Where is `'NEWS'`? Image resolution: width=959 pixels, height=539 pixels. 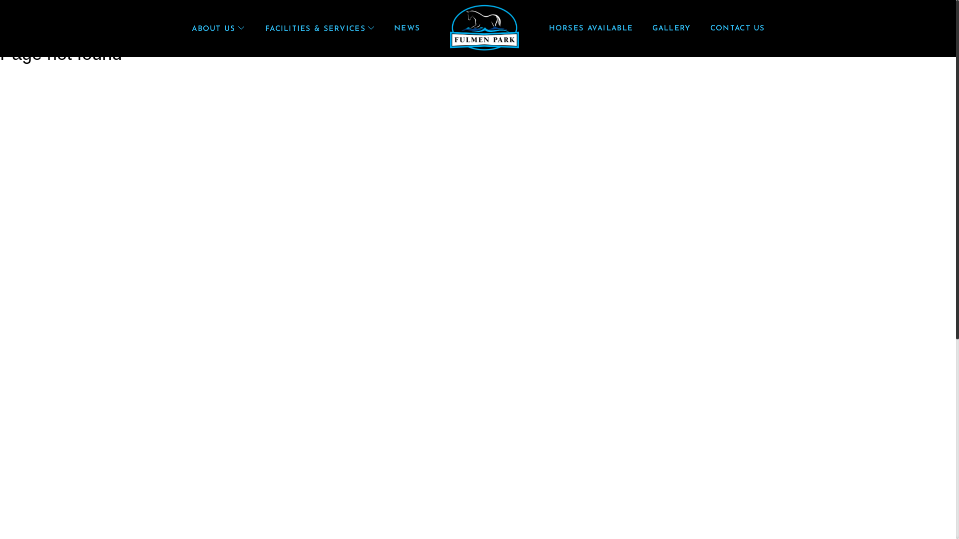 'NEWS' is located at coordinates (384, 28).